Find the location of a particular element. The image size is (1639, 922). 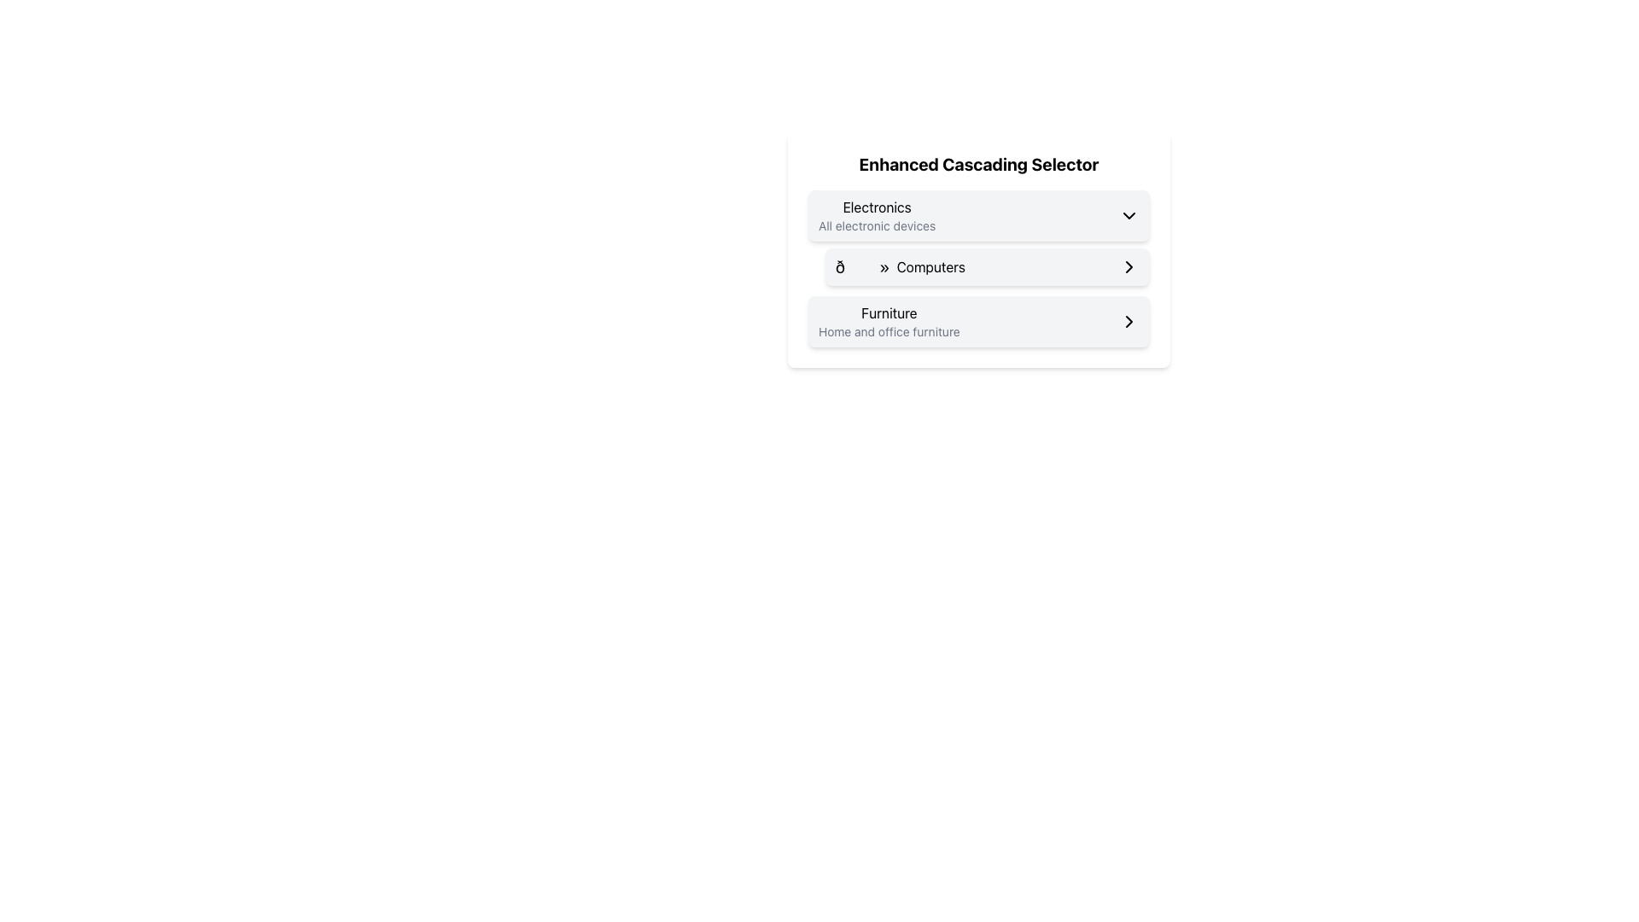

the chevron-style dropdown indicator located at the far-right end of the 'Electronics' block is located at coordinates (1129, 215).